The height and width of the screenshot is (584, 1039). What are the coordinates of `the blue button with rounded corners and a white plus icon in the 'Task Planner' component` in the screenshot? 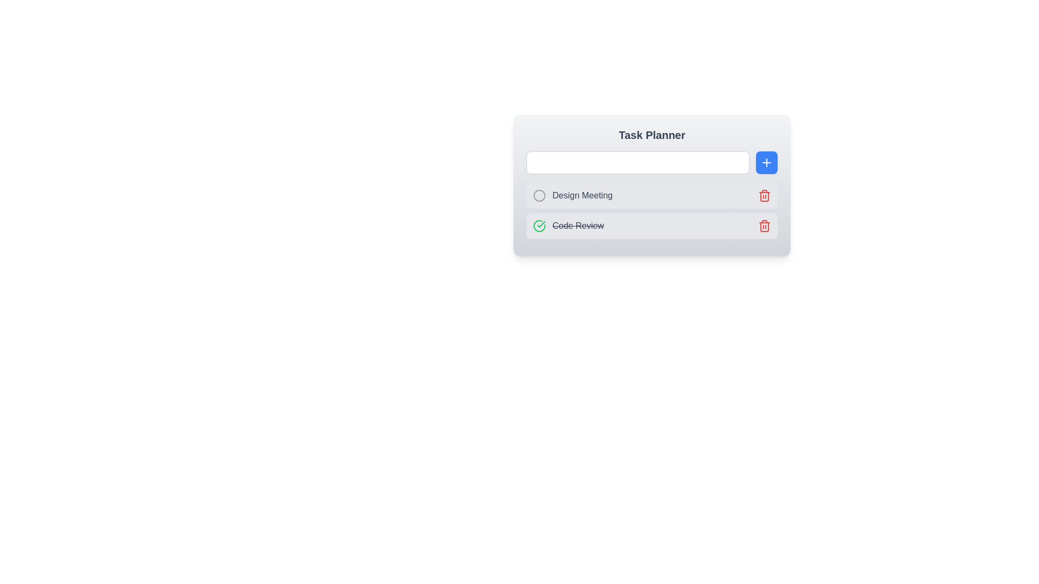 It's located at (766, 162).